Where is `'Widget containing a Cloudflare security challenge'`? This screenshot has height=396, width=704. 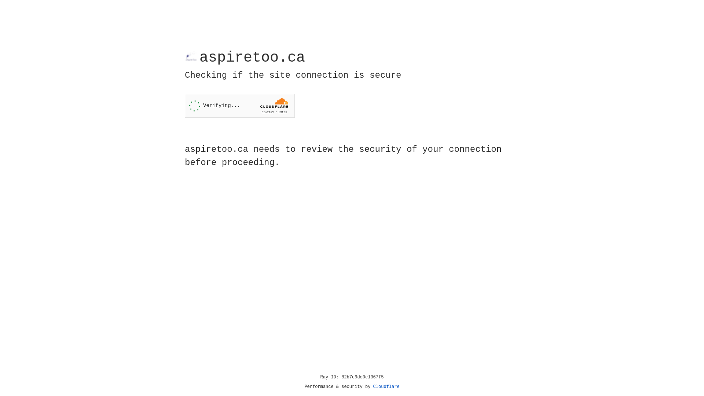 'Widget containing a Cloudflare security challenge' is located at coordinates (239, 106).